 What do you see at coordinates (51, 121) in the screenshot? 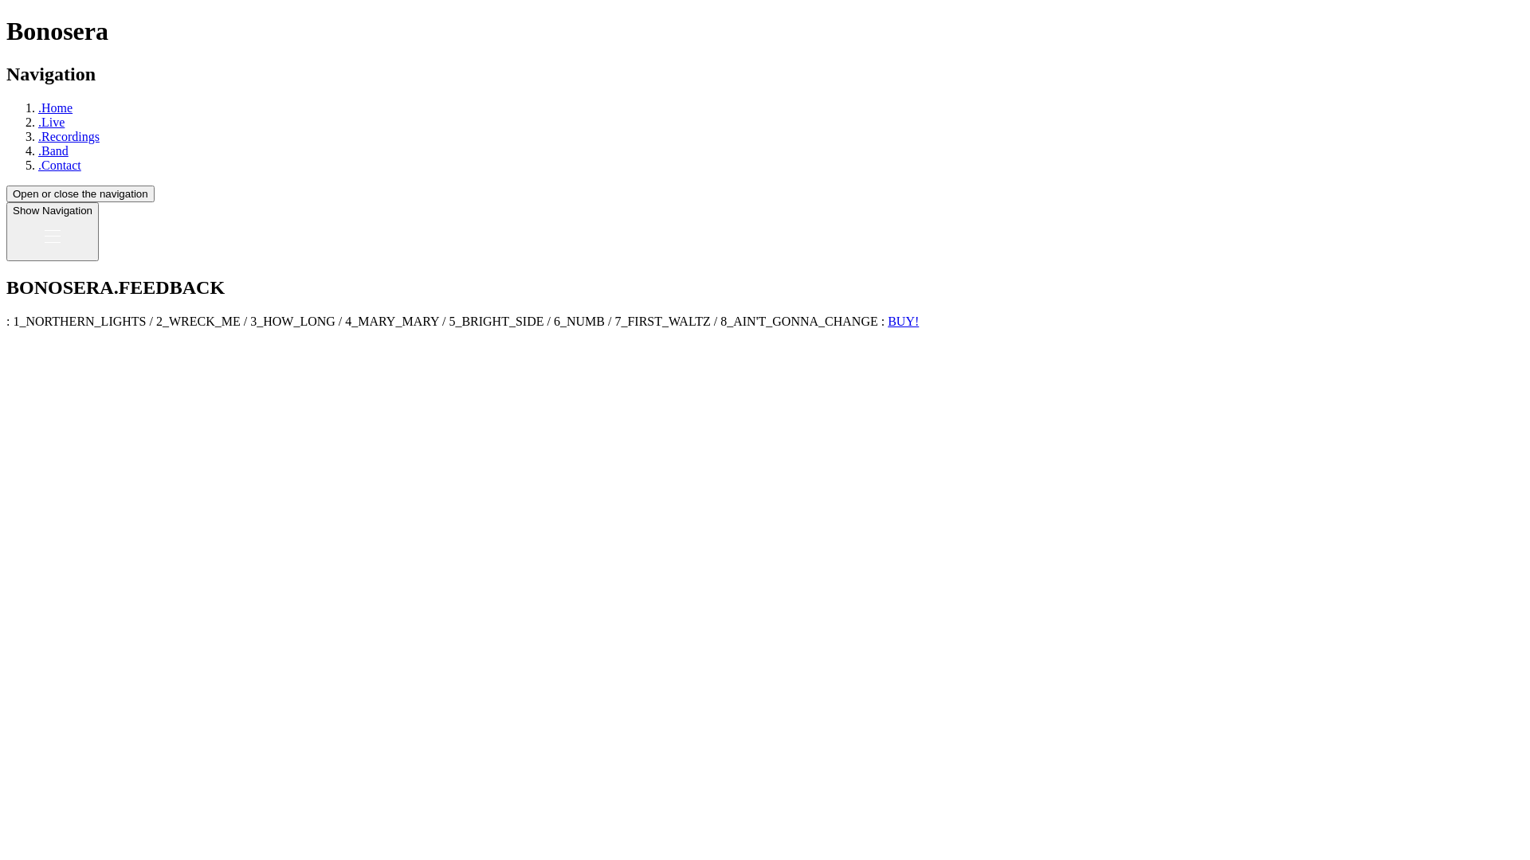
I see `'.Live'` at bounding box center [51, 121].